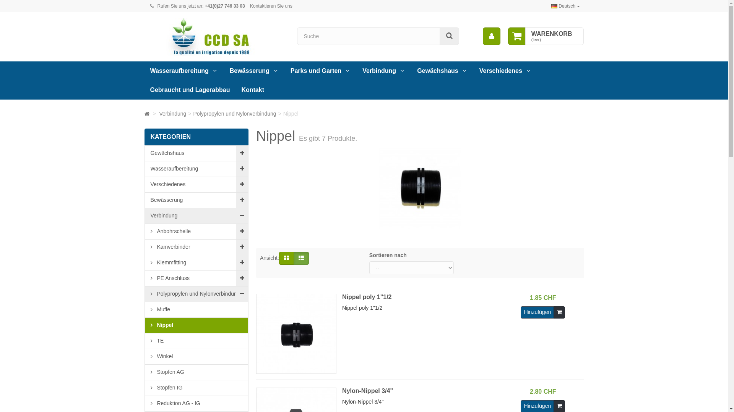  I want to click on 'Kamverbinder', so click(196, 247).